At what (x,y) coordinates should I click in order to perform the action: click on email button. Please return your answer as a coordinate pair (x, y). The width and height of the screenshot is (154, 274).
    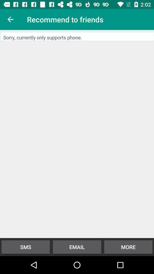
    Looking at the image, I should click on (77, 134).